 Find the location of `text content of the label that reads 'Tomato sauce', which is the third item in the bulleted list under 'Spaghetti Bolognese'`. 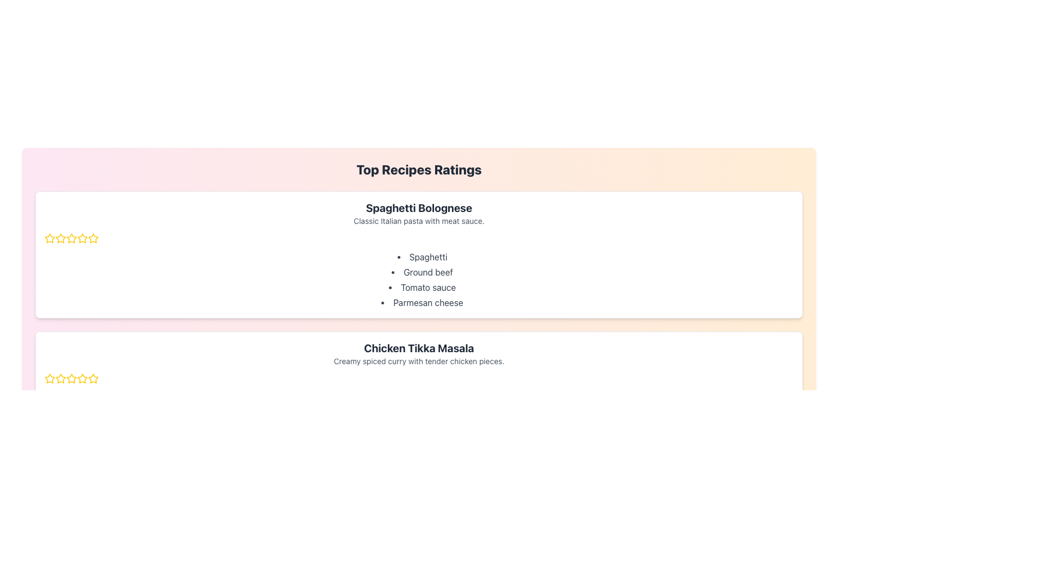

text content of the label that reads 'Tomato sauce', which is the third item in the bulleted list under 'Spaghetti Bolognese' is located at coordinates (422, 286).